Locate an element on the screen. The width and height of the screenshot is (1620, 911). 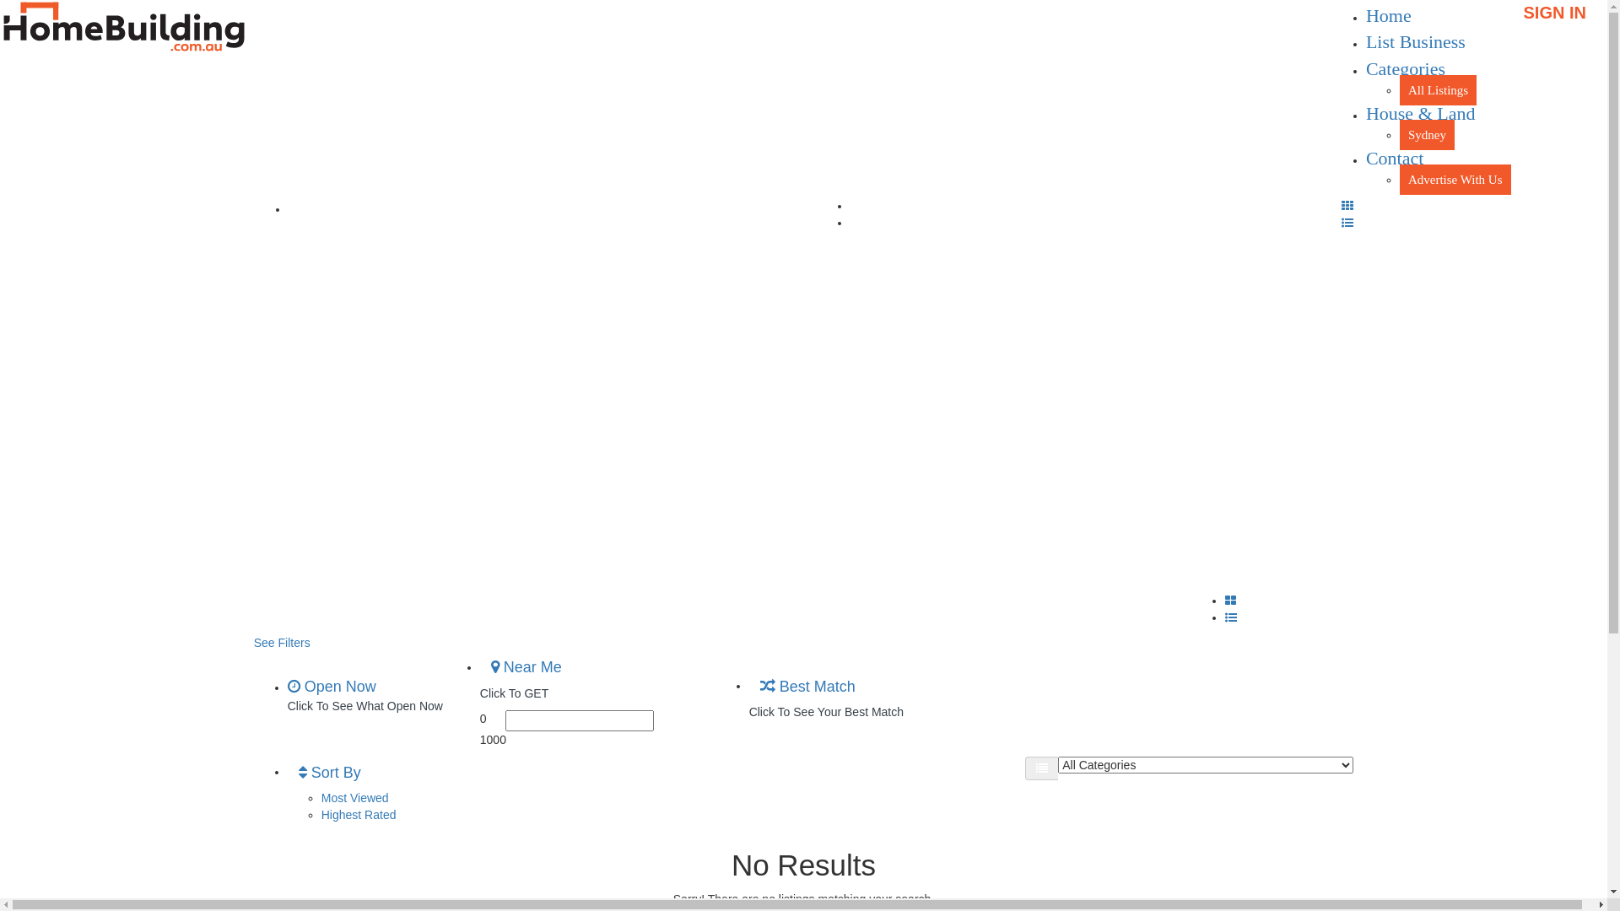
'Advertise With Us' is located at coordinates (1454, 179).